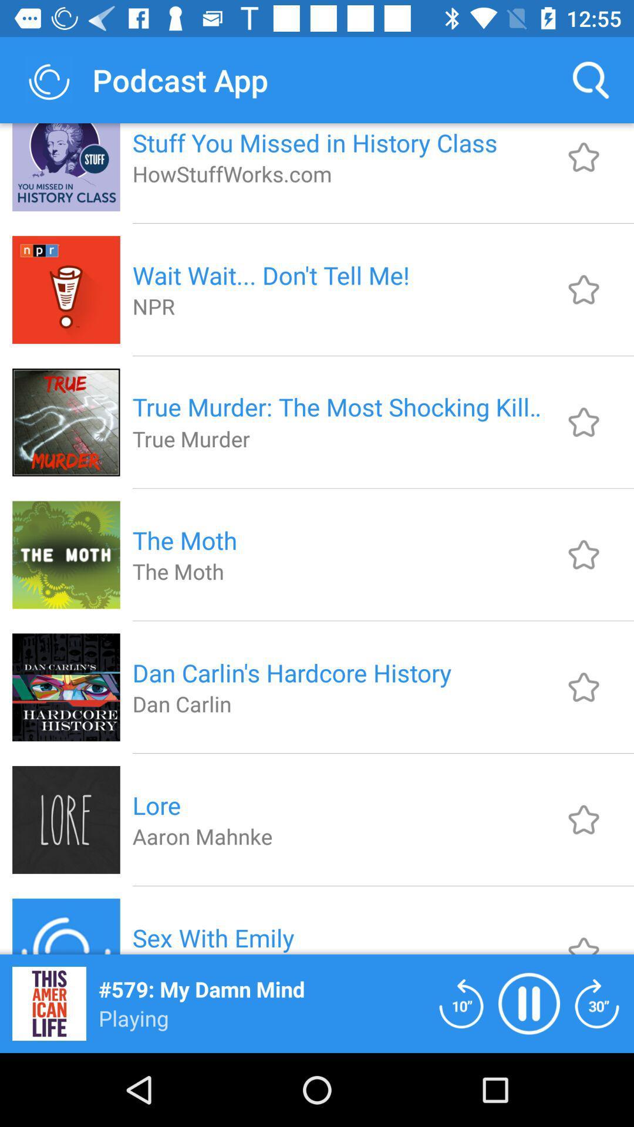 The image size is (634, 1127). I want to click on the podcast, so click(584, 935).